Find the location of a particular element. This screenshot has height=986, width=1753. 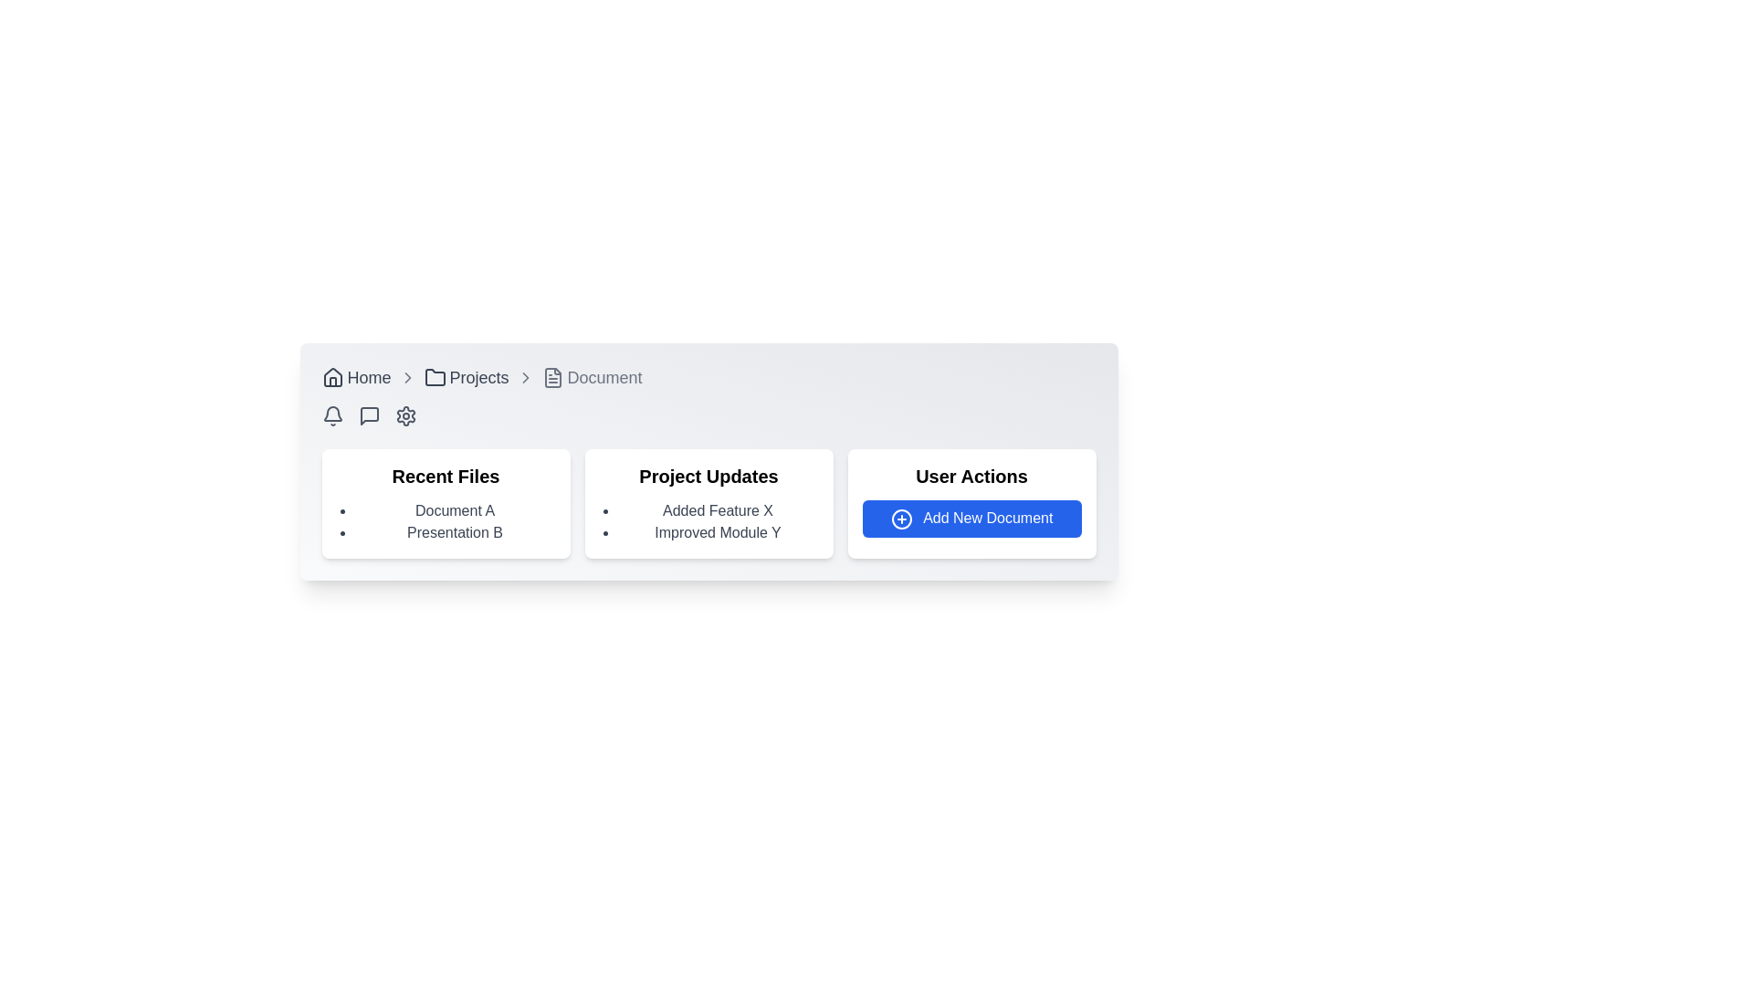

the right-facing chevron arrow icon, which is the third icon in the breadcrumb navigation bar between the 'Projects' and 'Document' links is located at coordinates (406, 376).